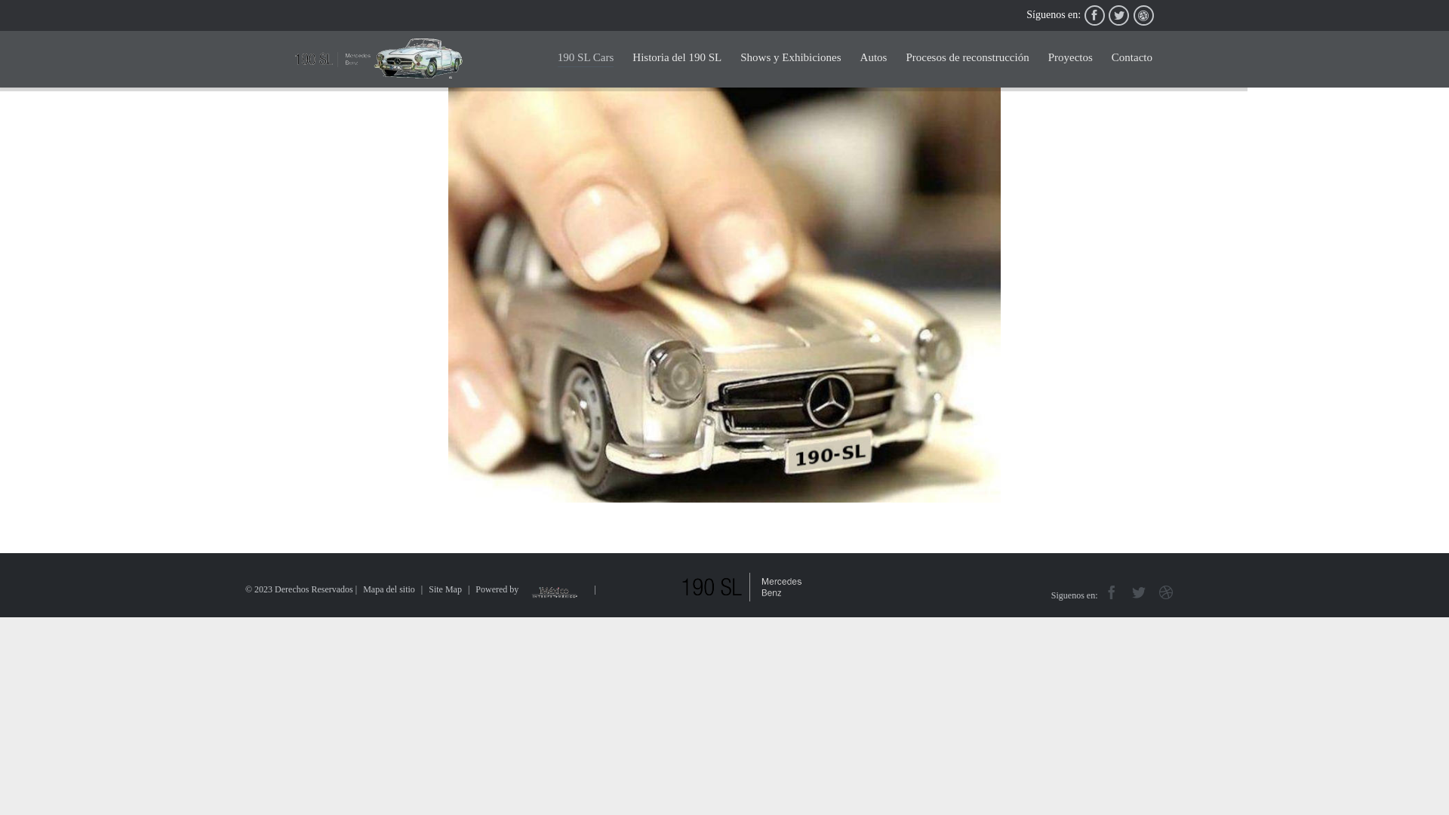 This screenshot has height=815, width=1449. Describe the element at coordinates (873, 58) in the screenshot. I see `'Autos'` at that location.